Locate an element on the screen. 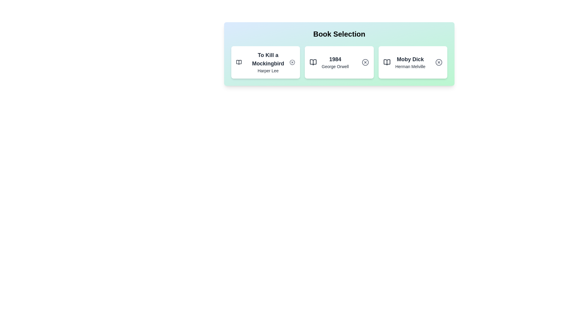 This screenshot has width=576, height=324. the book card for 'Moby Dick' to observe the hover effect is located at coordinates (412, 62).